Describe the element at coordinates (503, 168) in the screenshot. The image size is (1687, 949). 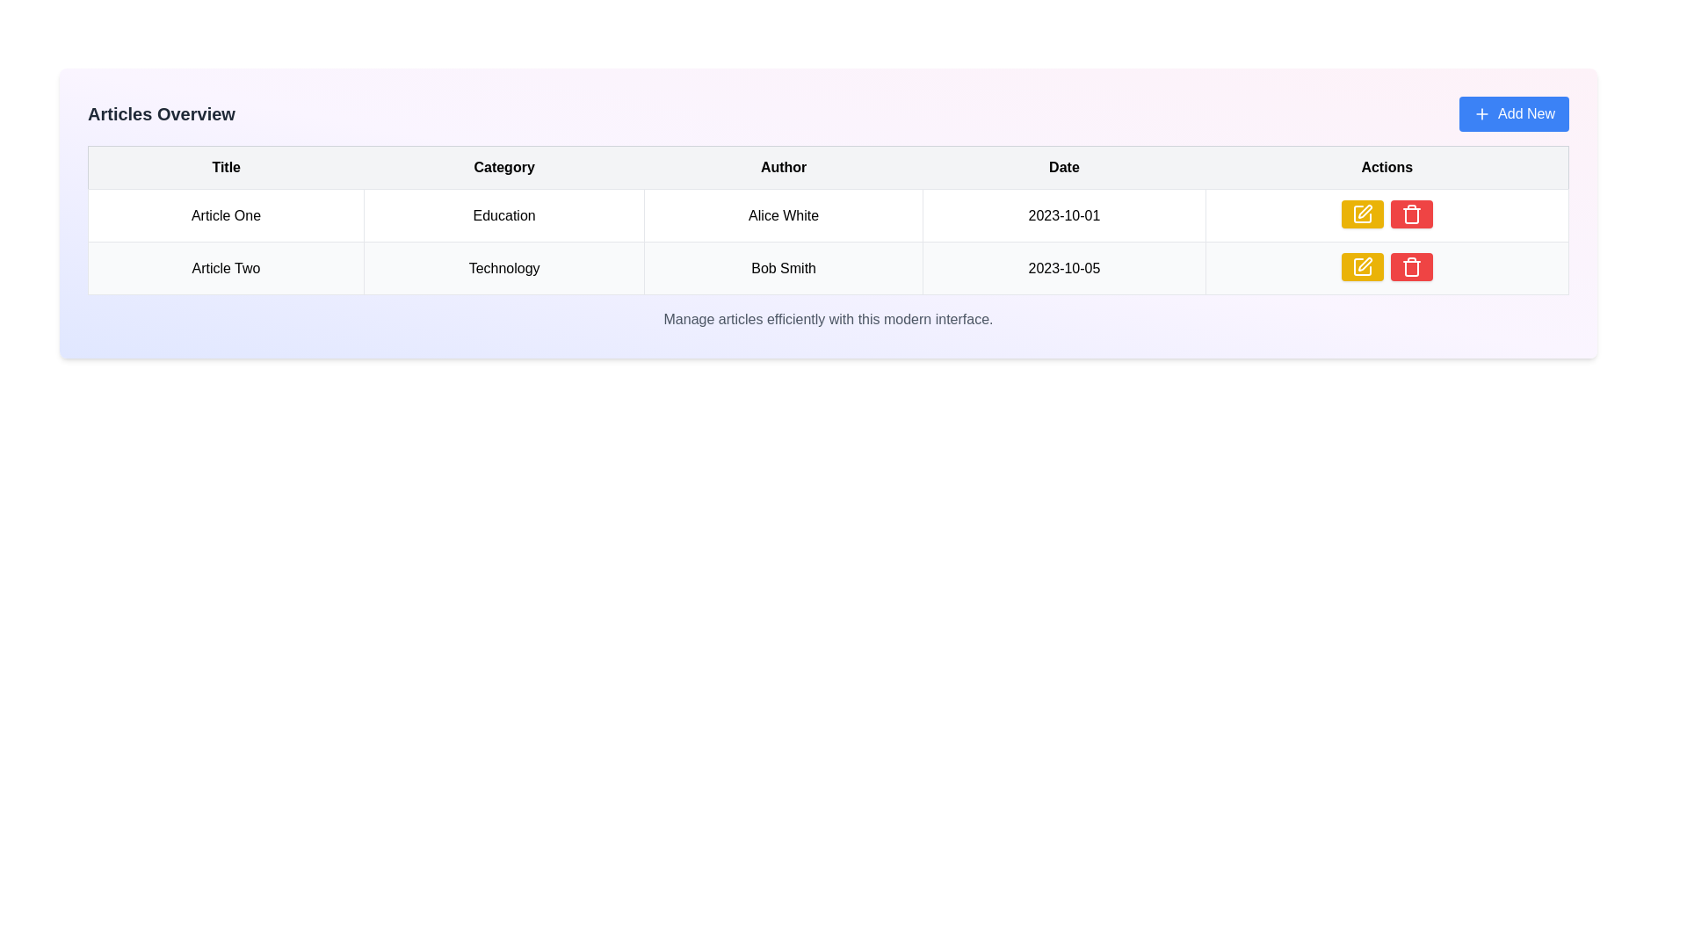
I see `the 'Category' text label, which is a bold black font inside a grey rectangular background, located in the header row of a data table` at that location.